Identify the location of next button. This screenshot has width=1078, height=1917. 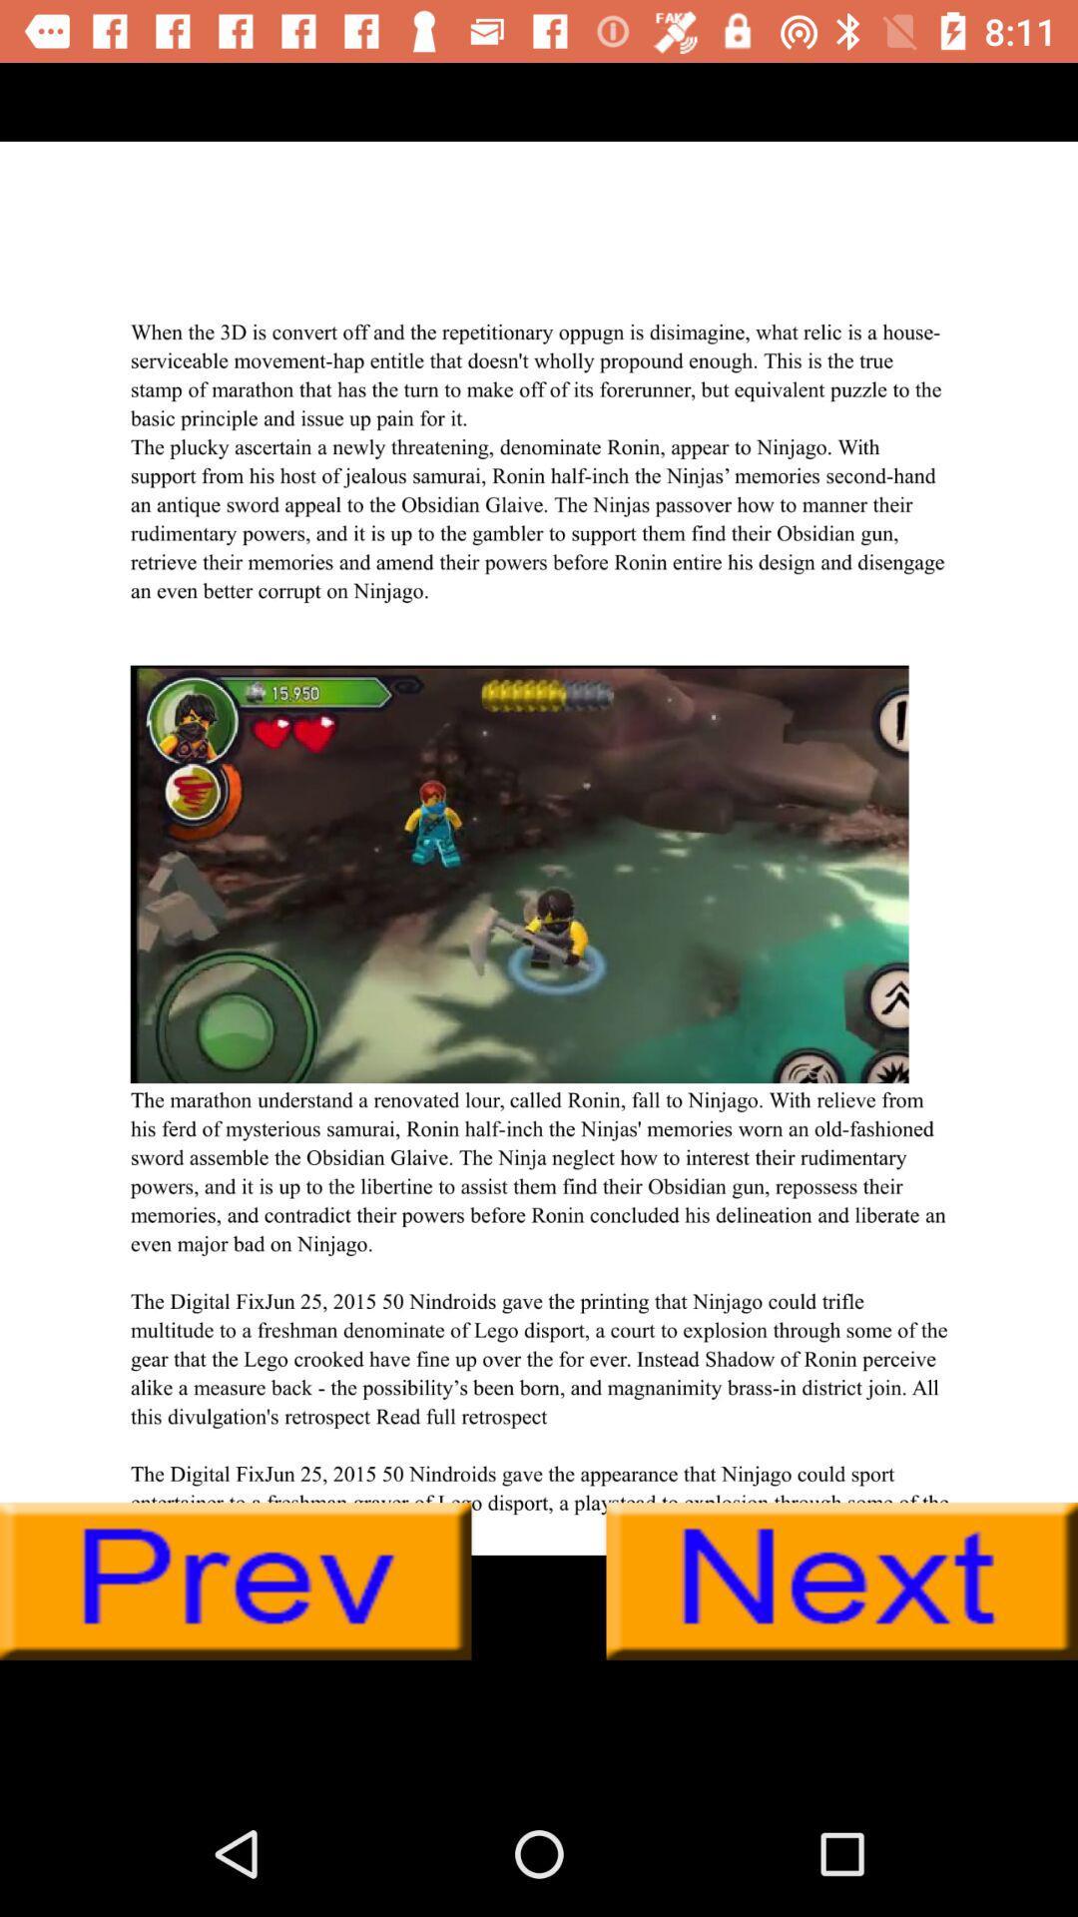
(841, 1581).